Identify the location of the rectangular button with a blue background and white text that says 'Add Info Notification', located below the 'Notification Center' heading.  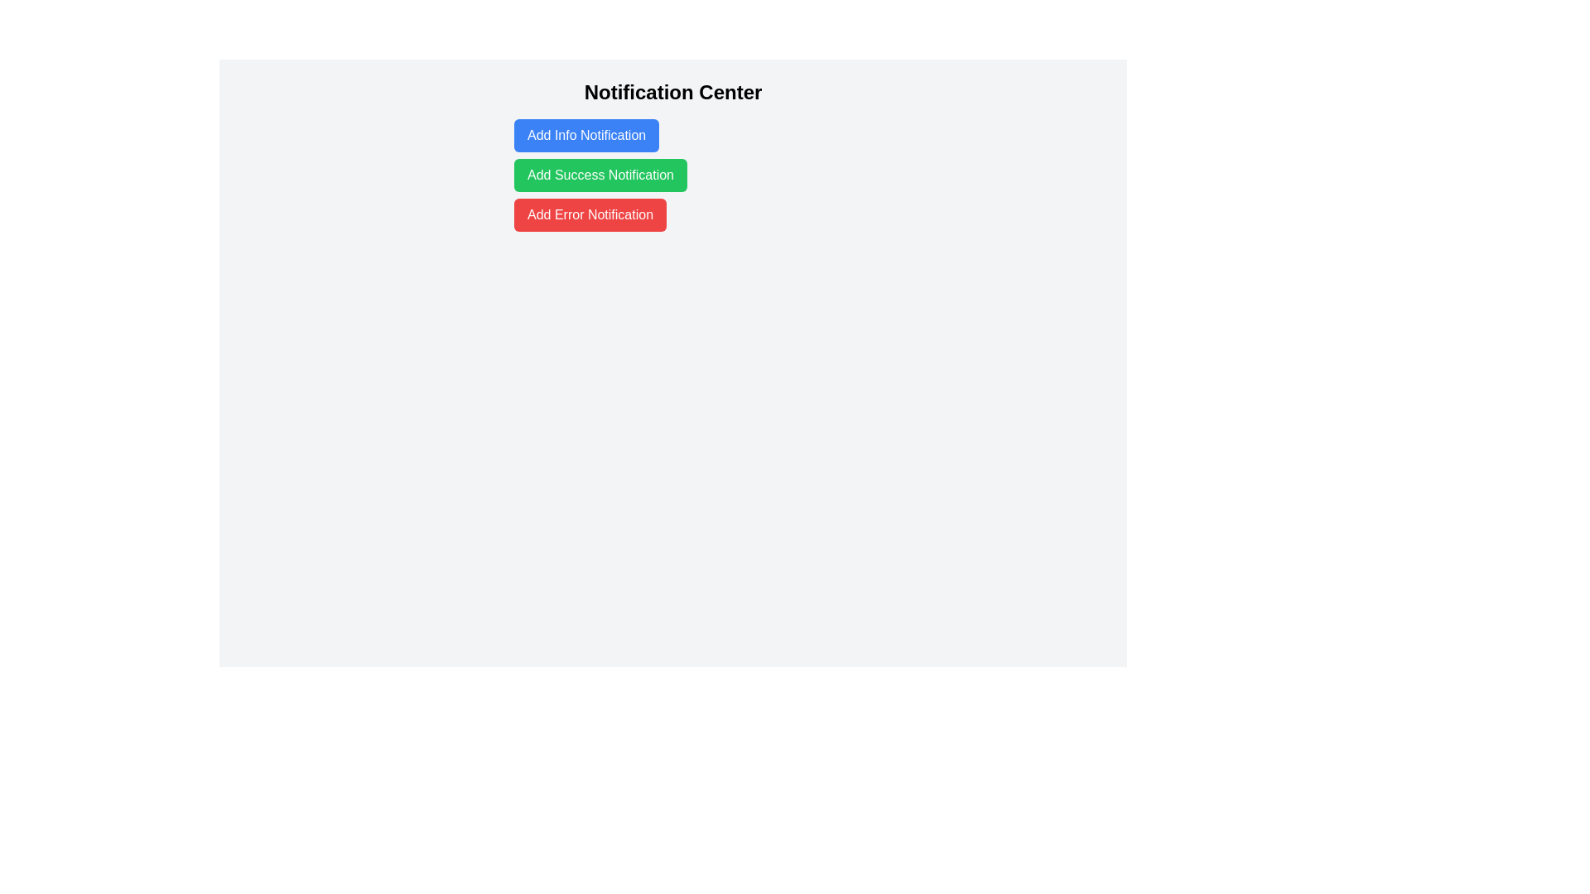
(586, 135).